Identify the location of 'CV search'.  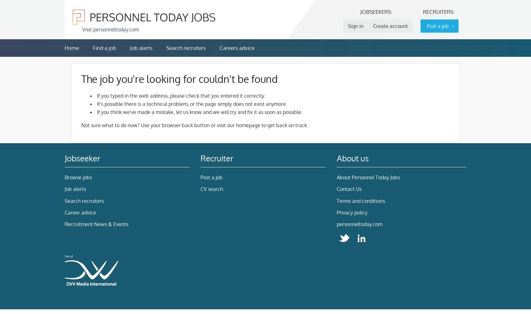
(212, 189).